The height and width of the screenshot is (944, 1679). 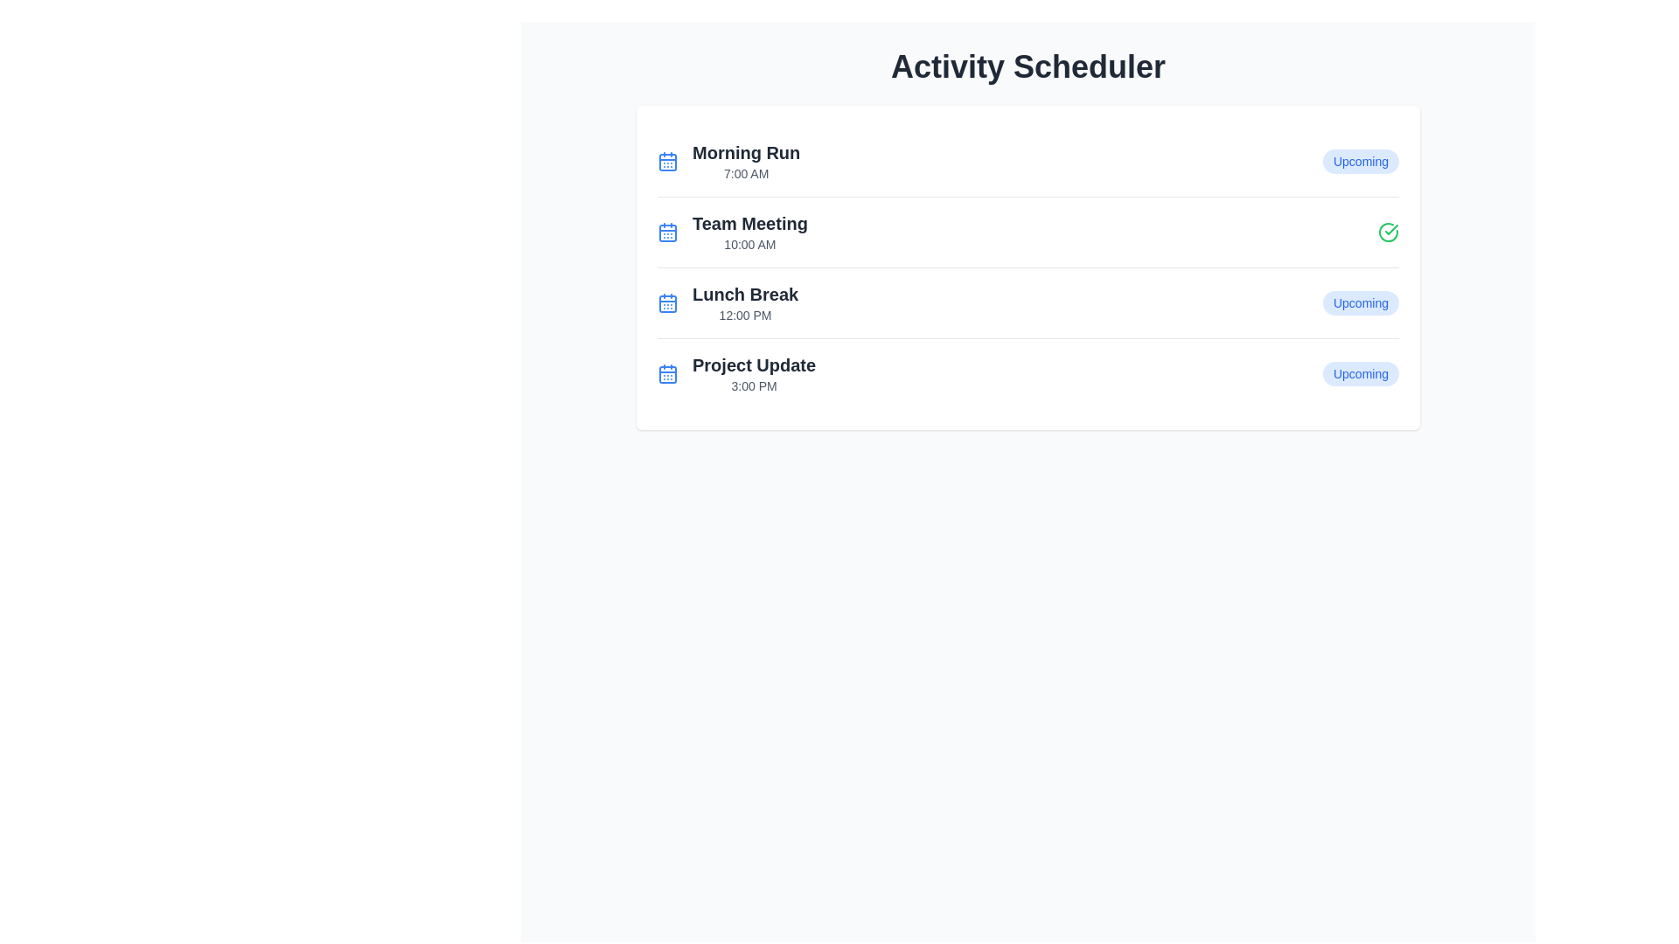 What do you see at coordinates (728, 162) in the screenshot?
I see `the first list item in the 'Activity Scheduler' section, which displays 'Morning Run' in bold with a blue calendar icon on the left` at bounding box center [728, 162].